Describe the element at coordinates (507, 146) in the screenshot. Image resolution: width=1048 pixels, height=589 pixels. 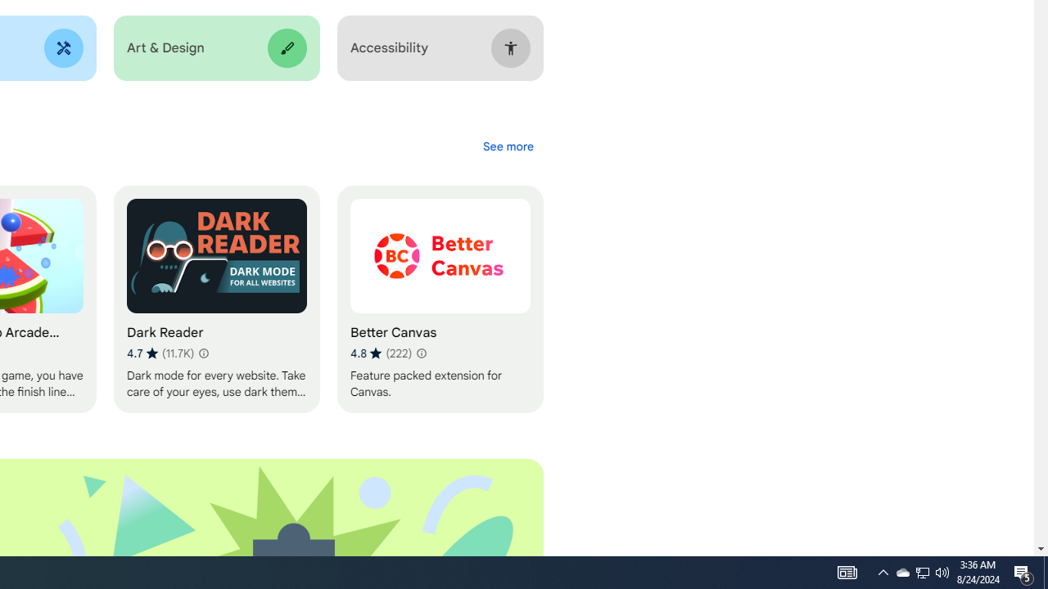
I see `'See more personalized recommendations'` at that location.